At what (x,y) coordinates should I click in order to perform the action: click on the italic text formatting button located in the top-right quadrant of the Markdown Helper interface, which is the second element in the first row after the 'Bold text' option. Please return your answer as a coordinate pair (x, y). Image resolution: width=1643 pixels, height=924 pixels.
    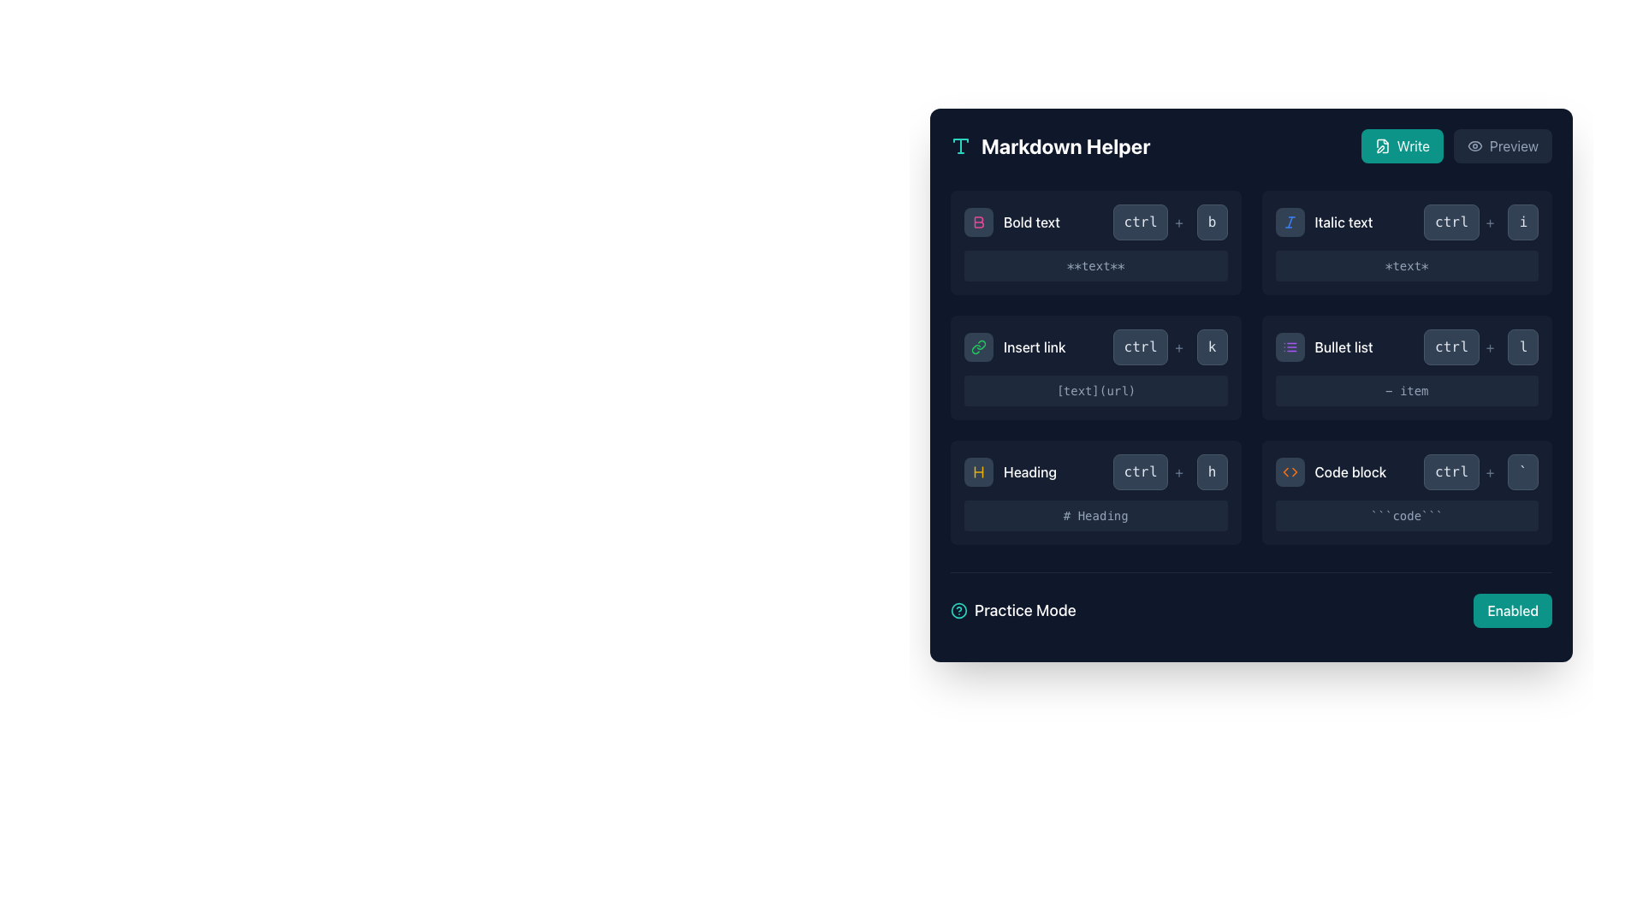
    Looking at the image, I should click on (1323, 221).